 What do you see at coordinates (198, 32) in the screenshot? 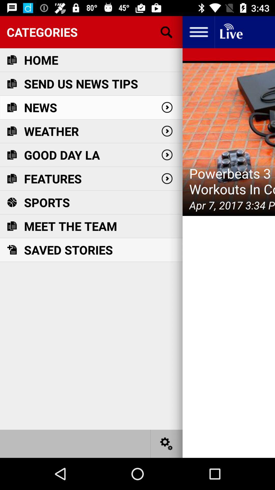
I see `the menu icon` at bounding box center [198, 32].